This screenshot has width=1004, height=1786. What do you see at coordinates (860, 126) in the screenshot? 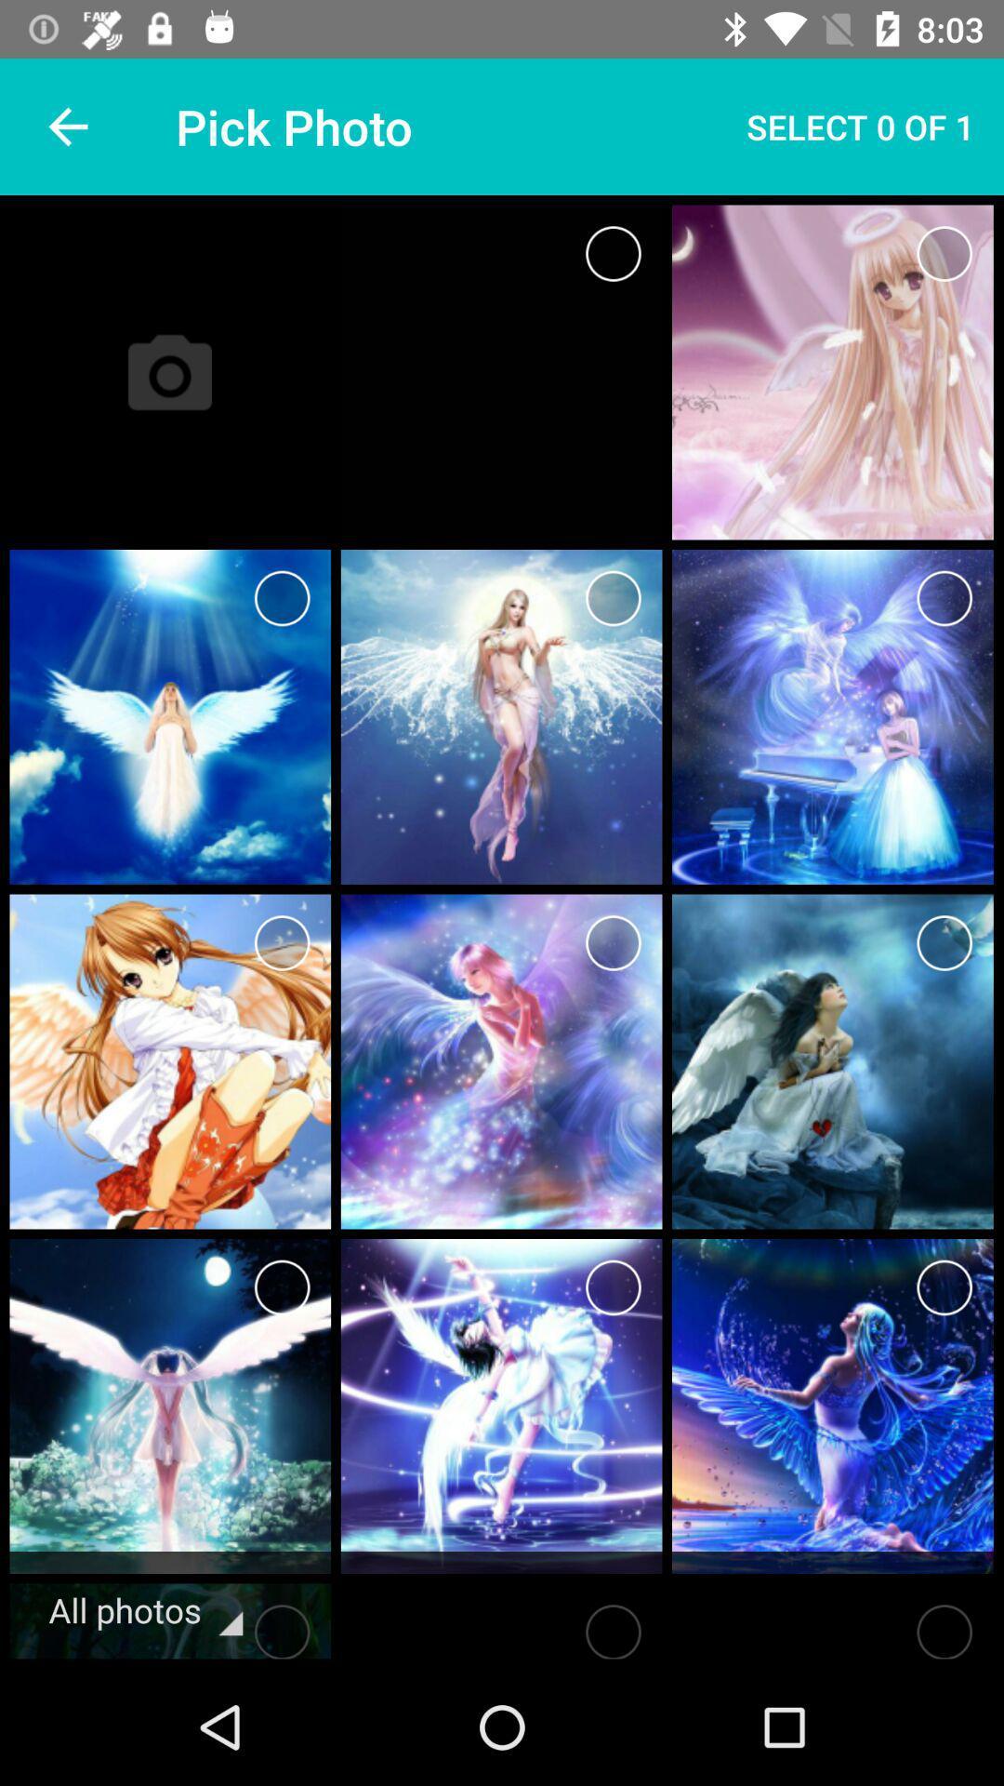
I see `select 0 of item` at bounding box center [860, 126].